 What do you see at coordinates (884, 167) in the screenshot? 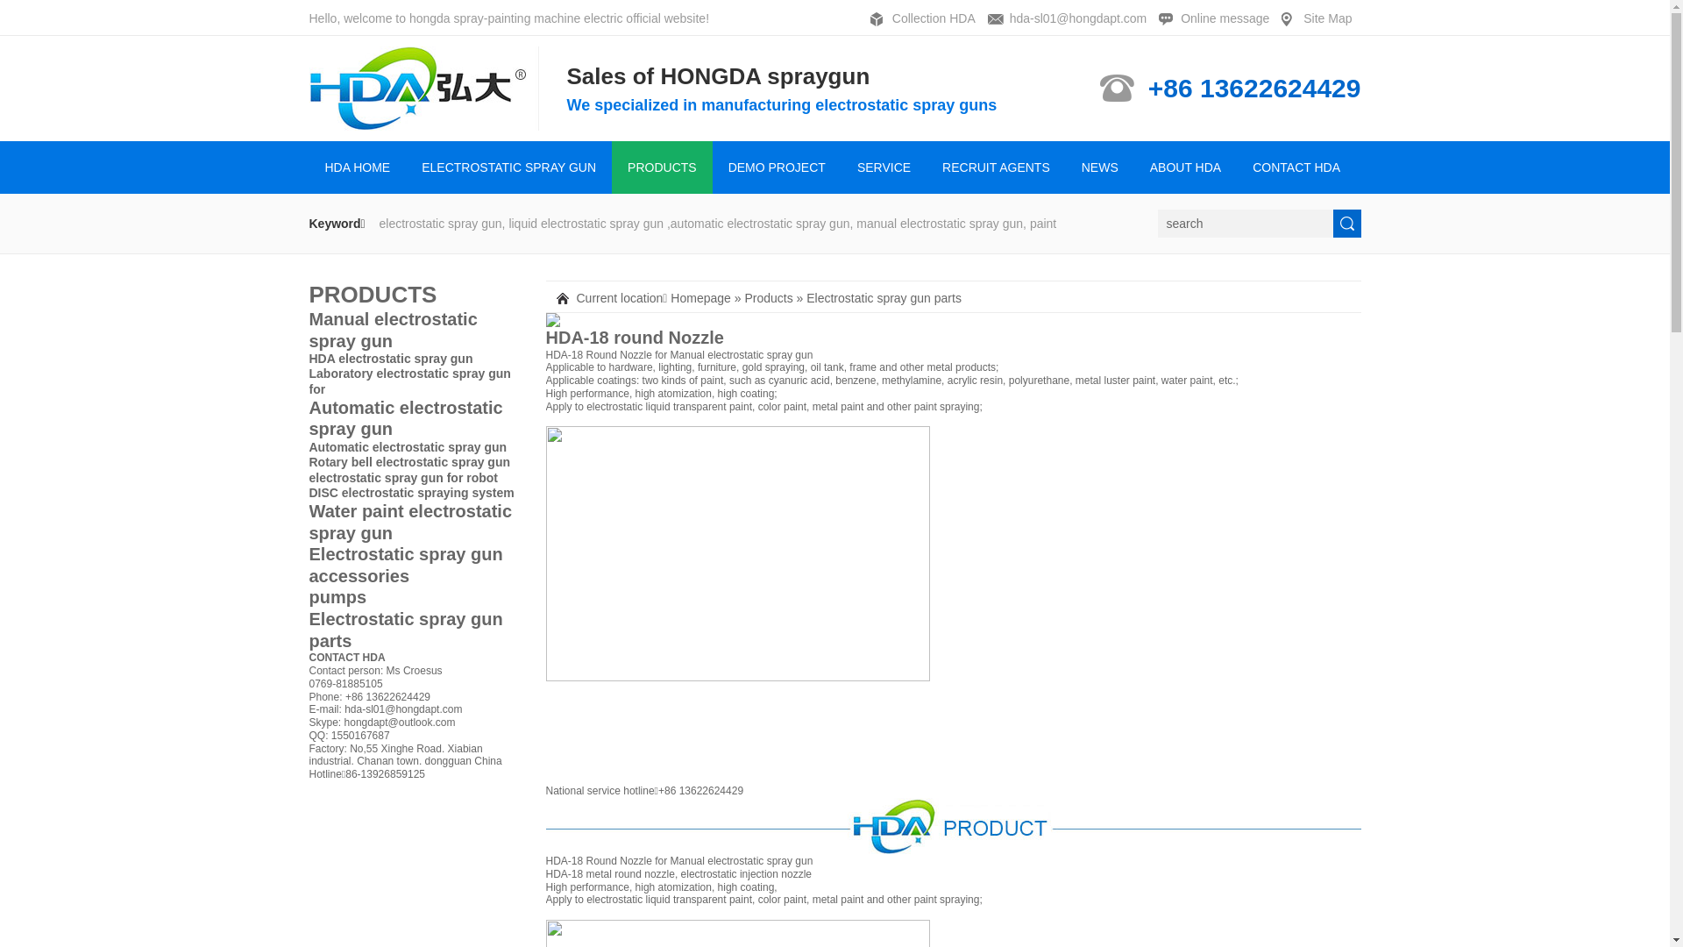
I see `'SERVICE'` at bounding box center [884, 167].